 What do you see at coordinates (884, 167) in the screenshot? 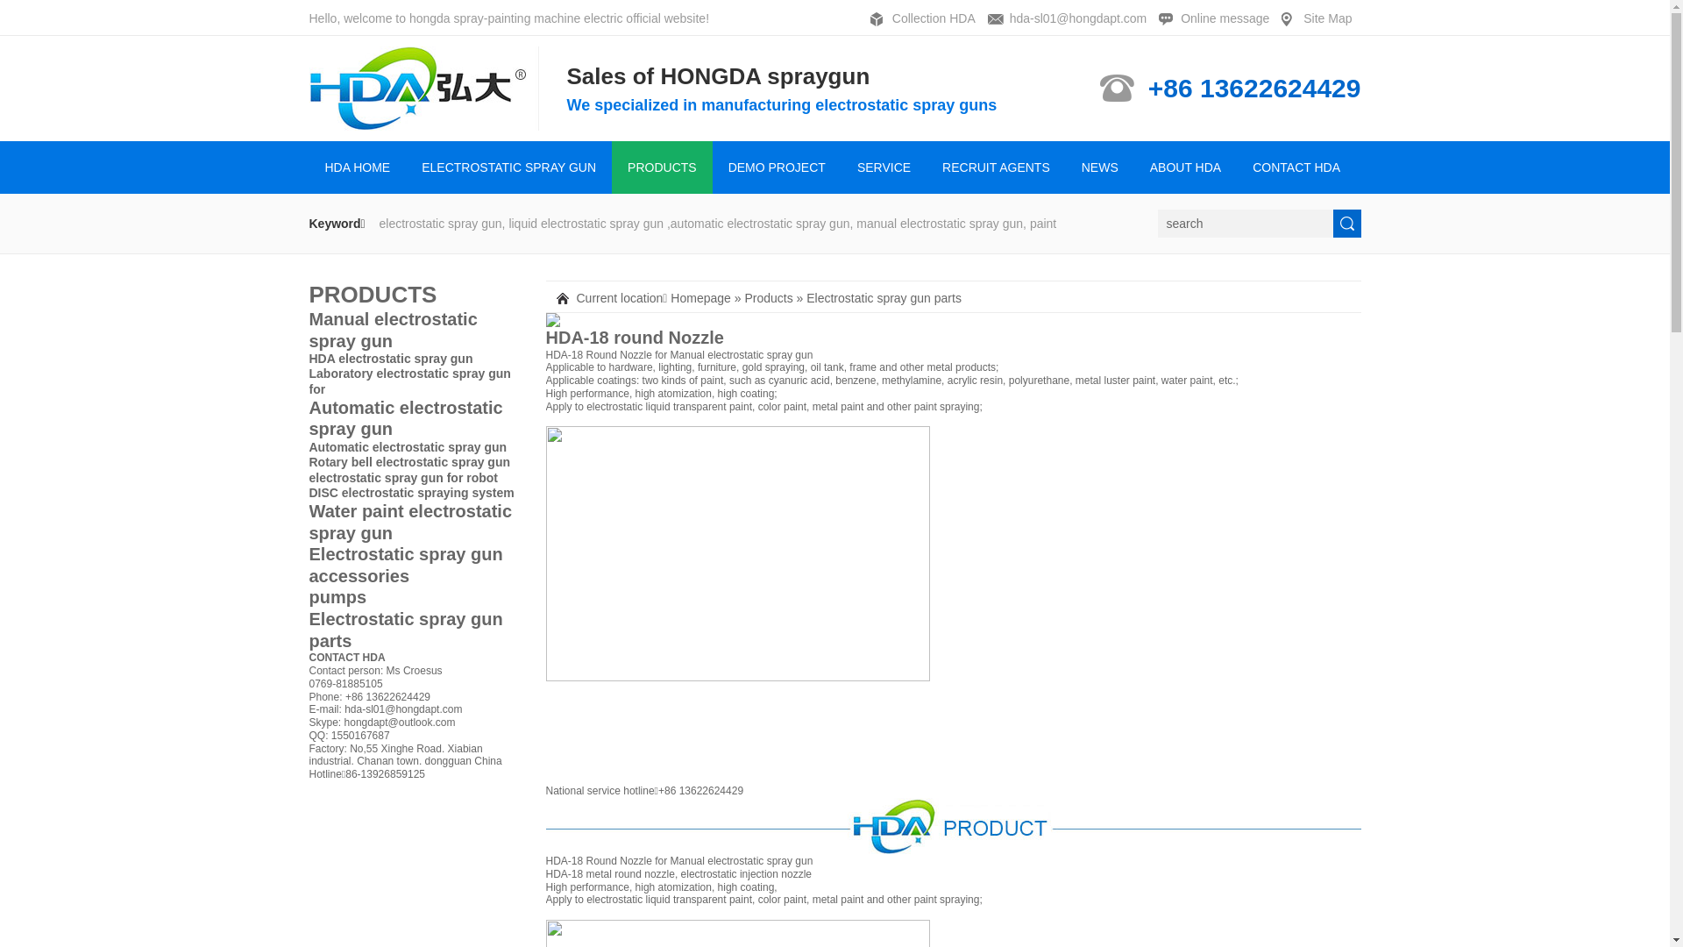
I see `'SERVICE'` at bounding box center [884, 167].